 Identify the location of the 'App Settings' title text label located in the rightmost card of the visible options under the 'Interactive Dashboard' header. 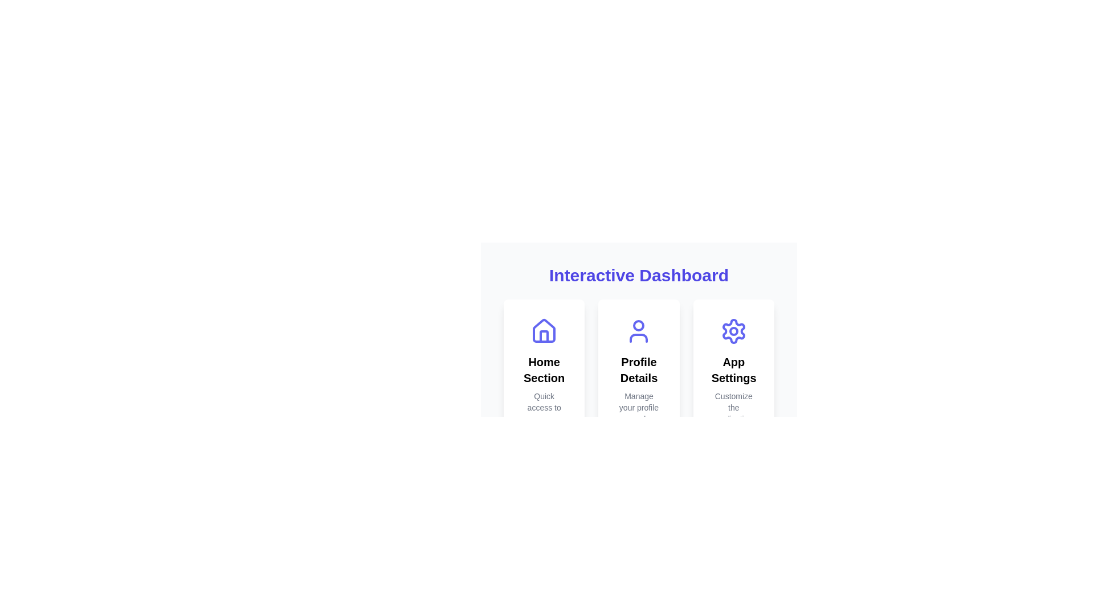
(733, 370).